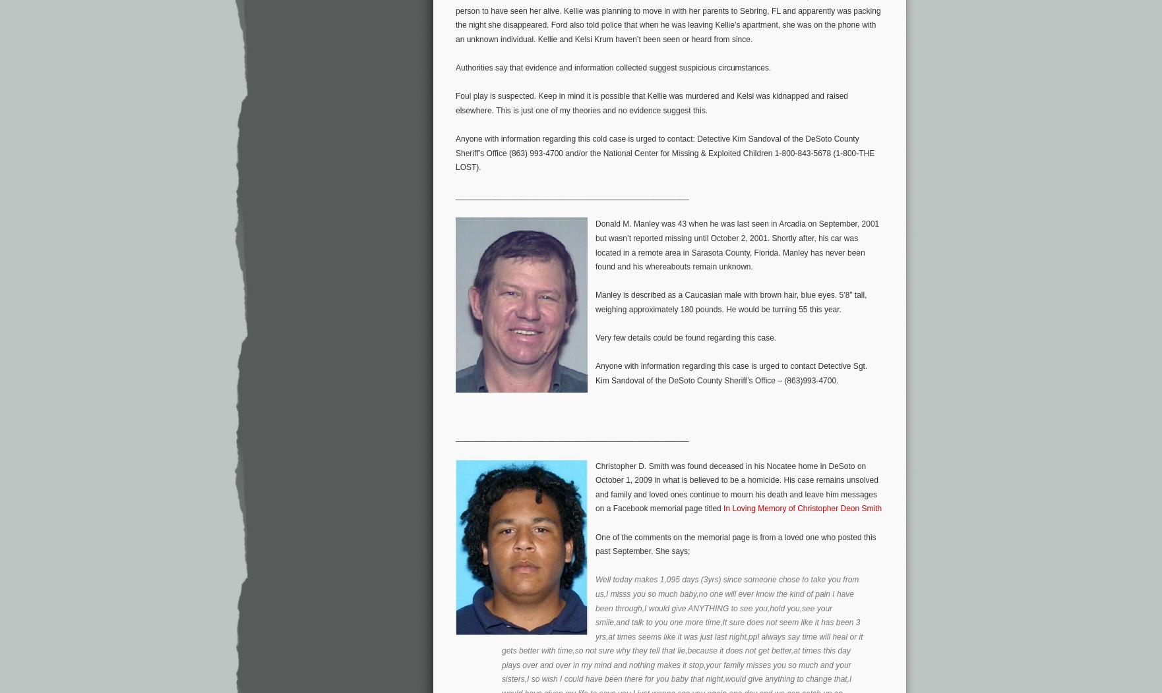 The image size is (1162, 693). What do you see at coordinates (665, 152) in the screenshot?
I see `'Anyone with information regarding this cold case is urged to contact: Detective Kim Sandoval of the DeSoto County Sheriff’s Office (863) 993-4700 and/or the National Center for Missing & Exploited Children 1-800-843-5678 (1-800-THE LOST).'` at bounding box center [665, 152].